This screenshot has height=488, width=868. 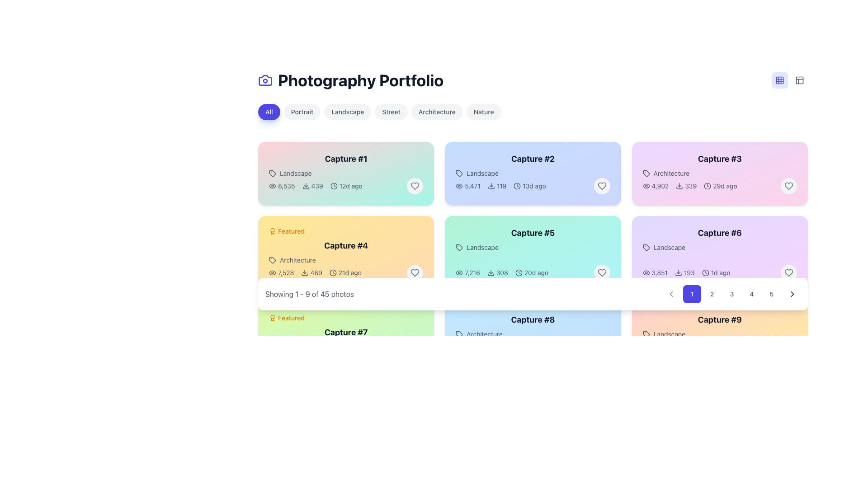 I want to click on the text label reading 'Architecture', which is styled in light gray and is positioned next to an icon on the card labeled 'Capture #8', so click(x=533, y=334).